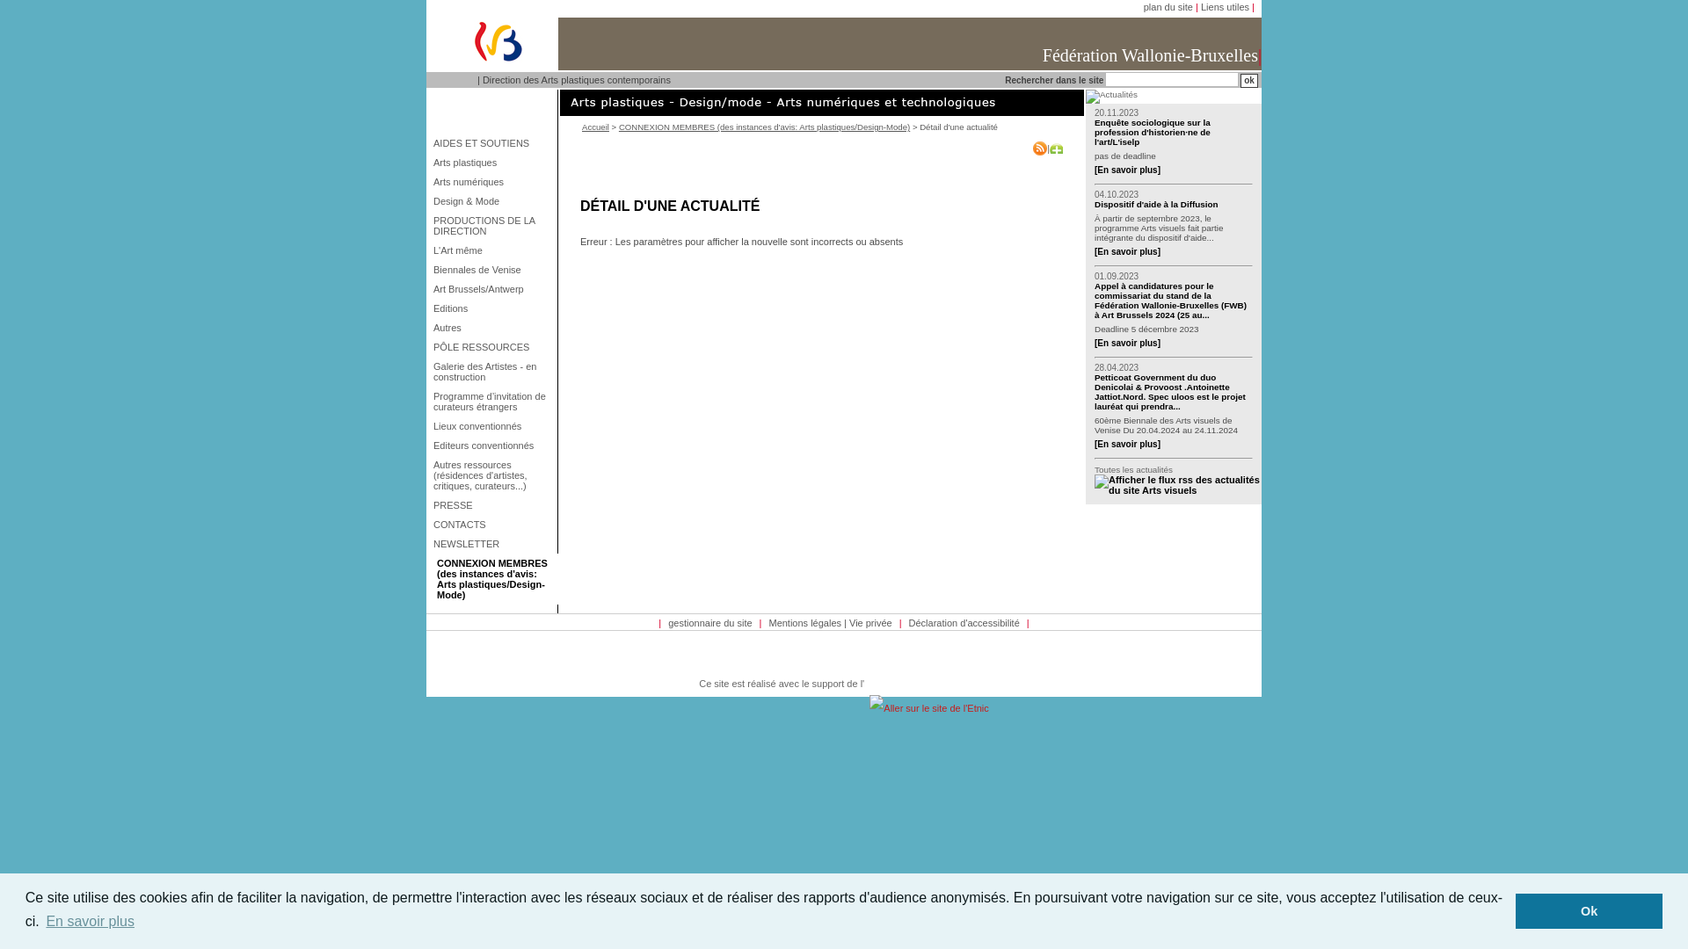 The image size is (1688, 949). What do you see at coordinates (492, 225) in the screenshot?
I see `'PRODUCTIONS DE LA DIRECTION'` at bounding box center [492, 225].